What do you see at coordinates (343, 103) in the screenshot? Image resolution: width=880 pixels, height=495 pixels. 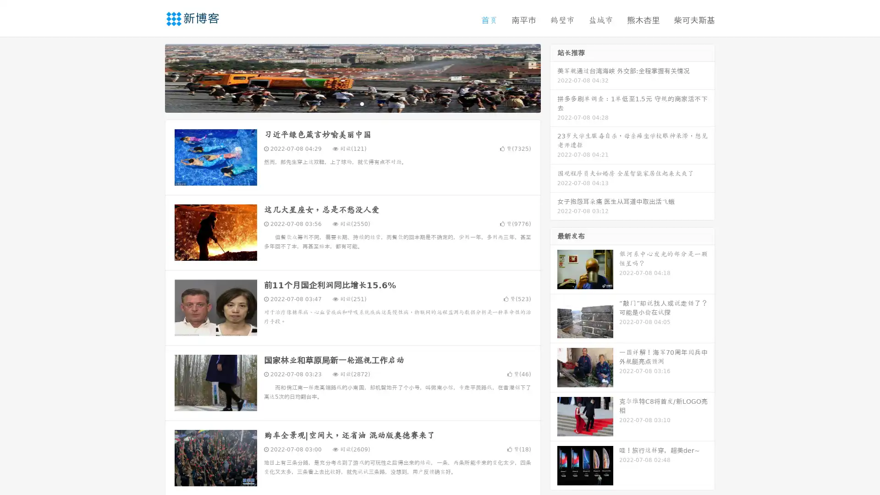 I see `Go to slide 1` at bounding box center [343, 103].